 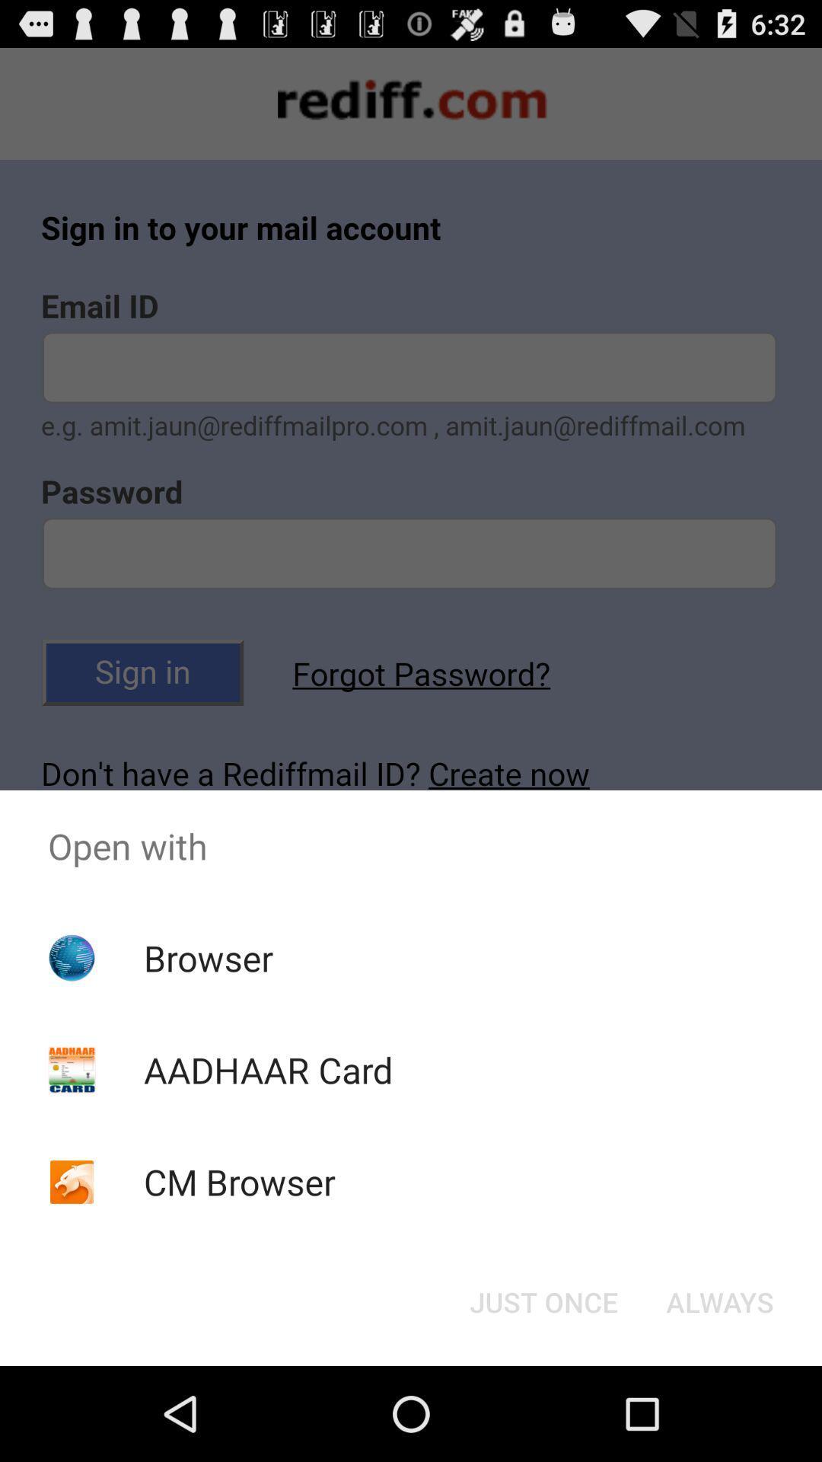 I want to click on the item at the bottom right corner, so click(x=719, y=1301).